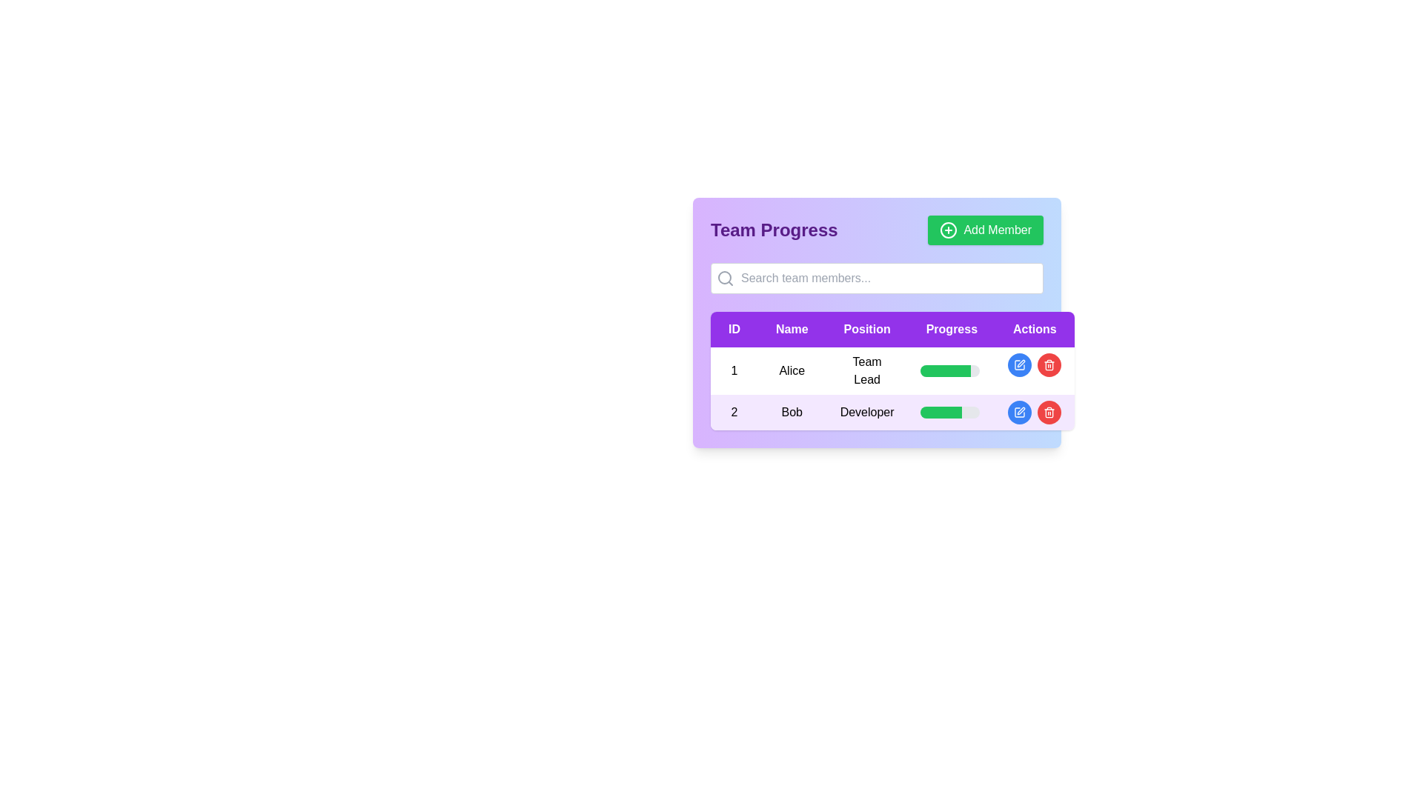  I want to click on the delete button located in the 'Actions' column of the second row of the table, positioned to the right of the blue circular edit button, so click(1049, 412).